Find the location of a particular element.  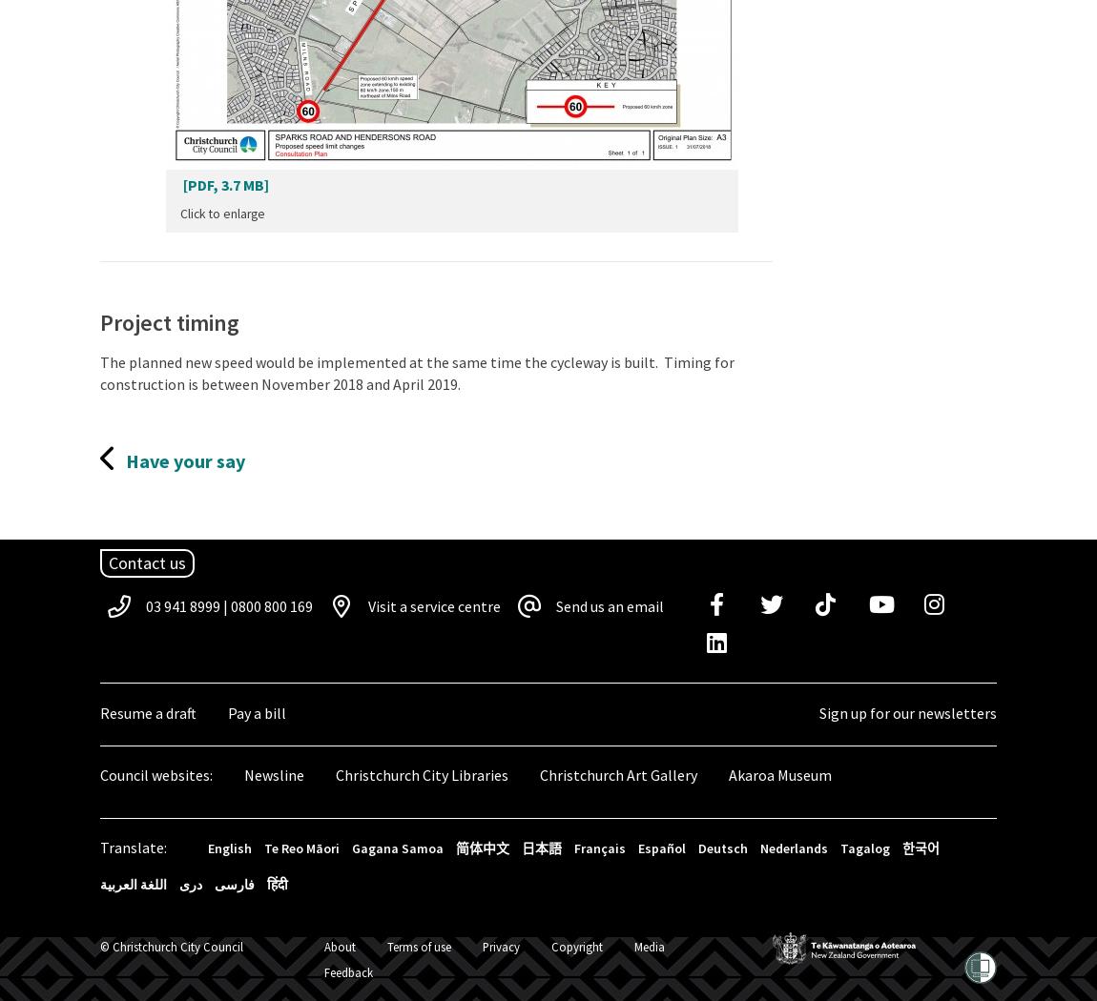

'Gagana Samoa' is located at coordinates (397, 847).